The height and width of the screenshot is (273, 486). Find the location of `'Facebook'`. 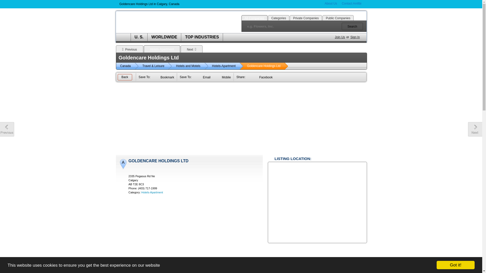

'Facebook' is located at coordinates (262, 77).